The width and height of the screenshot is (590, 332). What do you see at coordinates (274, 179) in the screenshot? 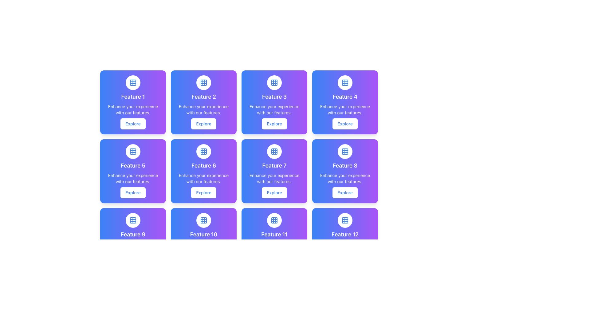
I see `text label that says 'Enhance your experience with our features.' located in the 'Feature 7' panel, which is in the third row and third column of the grid layout` at bounding box center [274, 179].